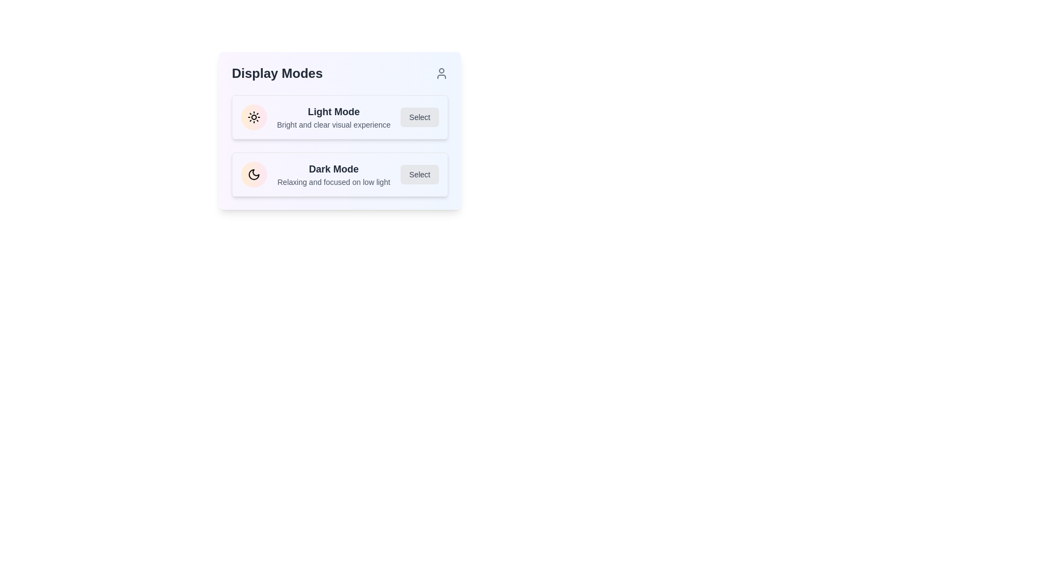 The width and height of the screenshot is (1038, 584). Describe the element at coordinates (333, 174) in the screenshot. I see `text block titled 'Dark Mode' which contains the subtitle 'Relaxing and focused on low light' to understand its purpose` at that location.